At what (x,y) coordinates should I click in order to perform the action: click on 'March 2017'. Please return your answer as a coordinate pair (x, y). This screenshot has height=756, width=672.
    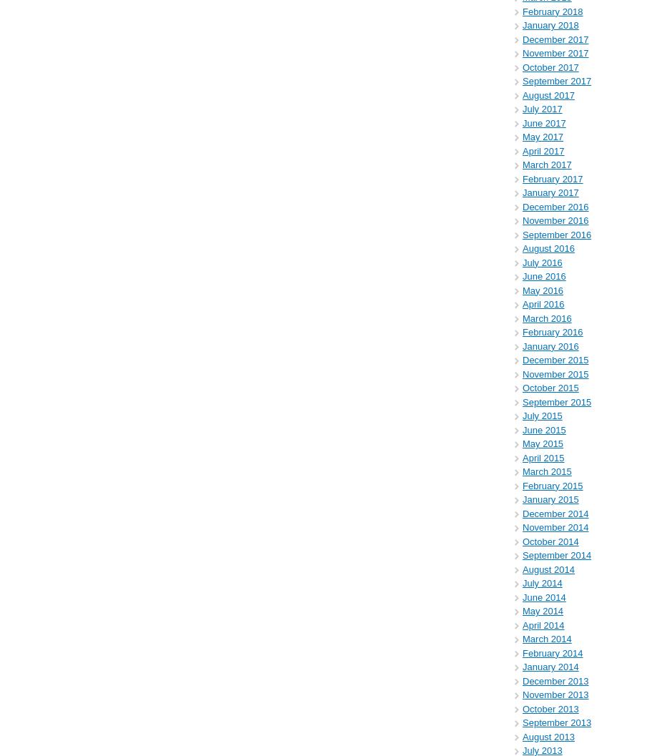
    Looking at the image, I should click on (545, 164).